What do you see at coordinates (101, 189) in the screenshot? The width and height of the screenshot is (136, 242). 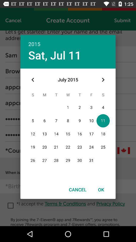 I see `the ok` at bounding box center [101, 189].